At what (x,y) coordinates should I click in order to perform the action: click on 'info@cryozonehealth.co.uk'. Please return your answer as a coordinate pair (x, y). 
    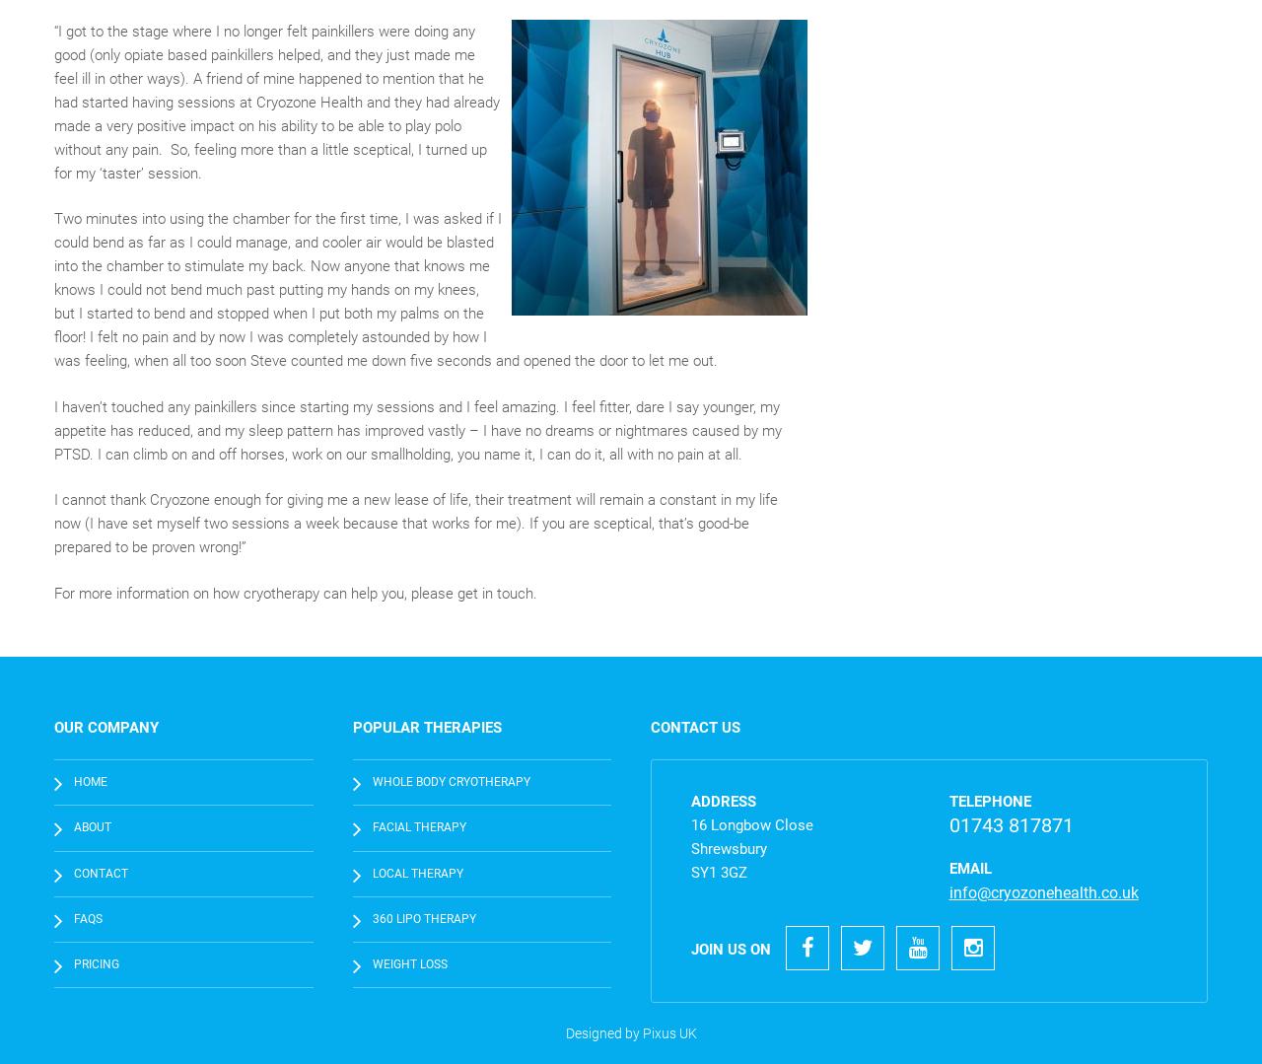
    Looking at the image, I should click on (1042, 891).